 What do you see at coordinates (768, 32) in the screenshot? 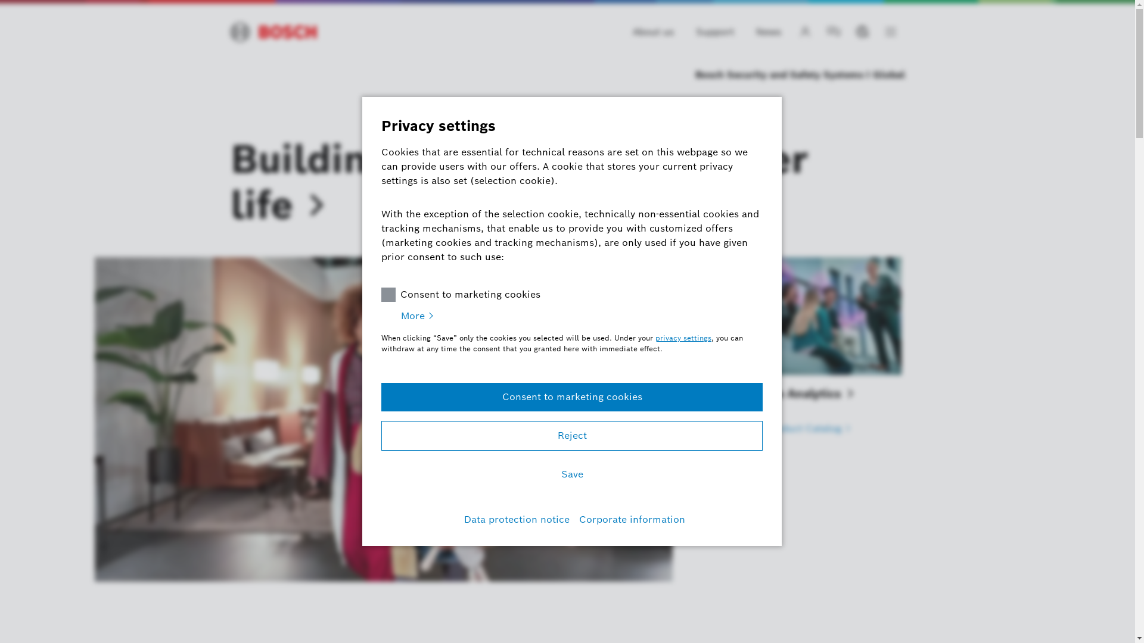
I see `'News'` at bounding box center [768, 32].